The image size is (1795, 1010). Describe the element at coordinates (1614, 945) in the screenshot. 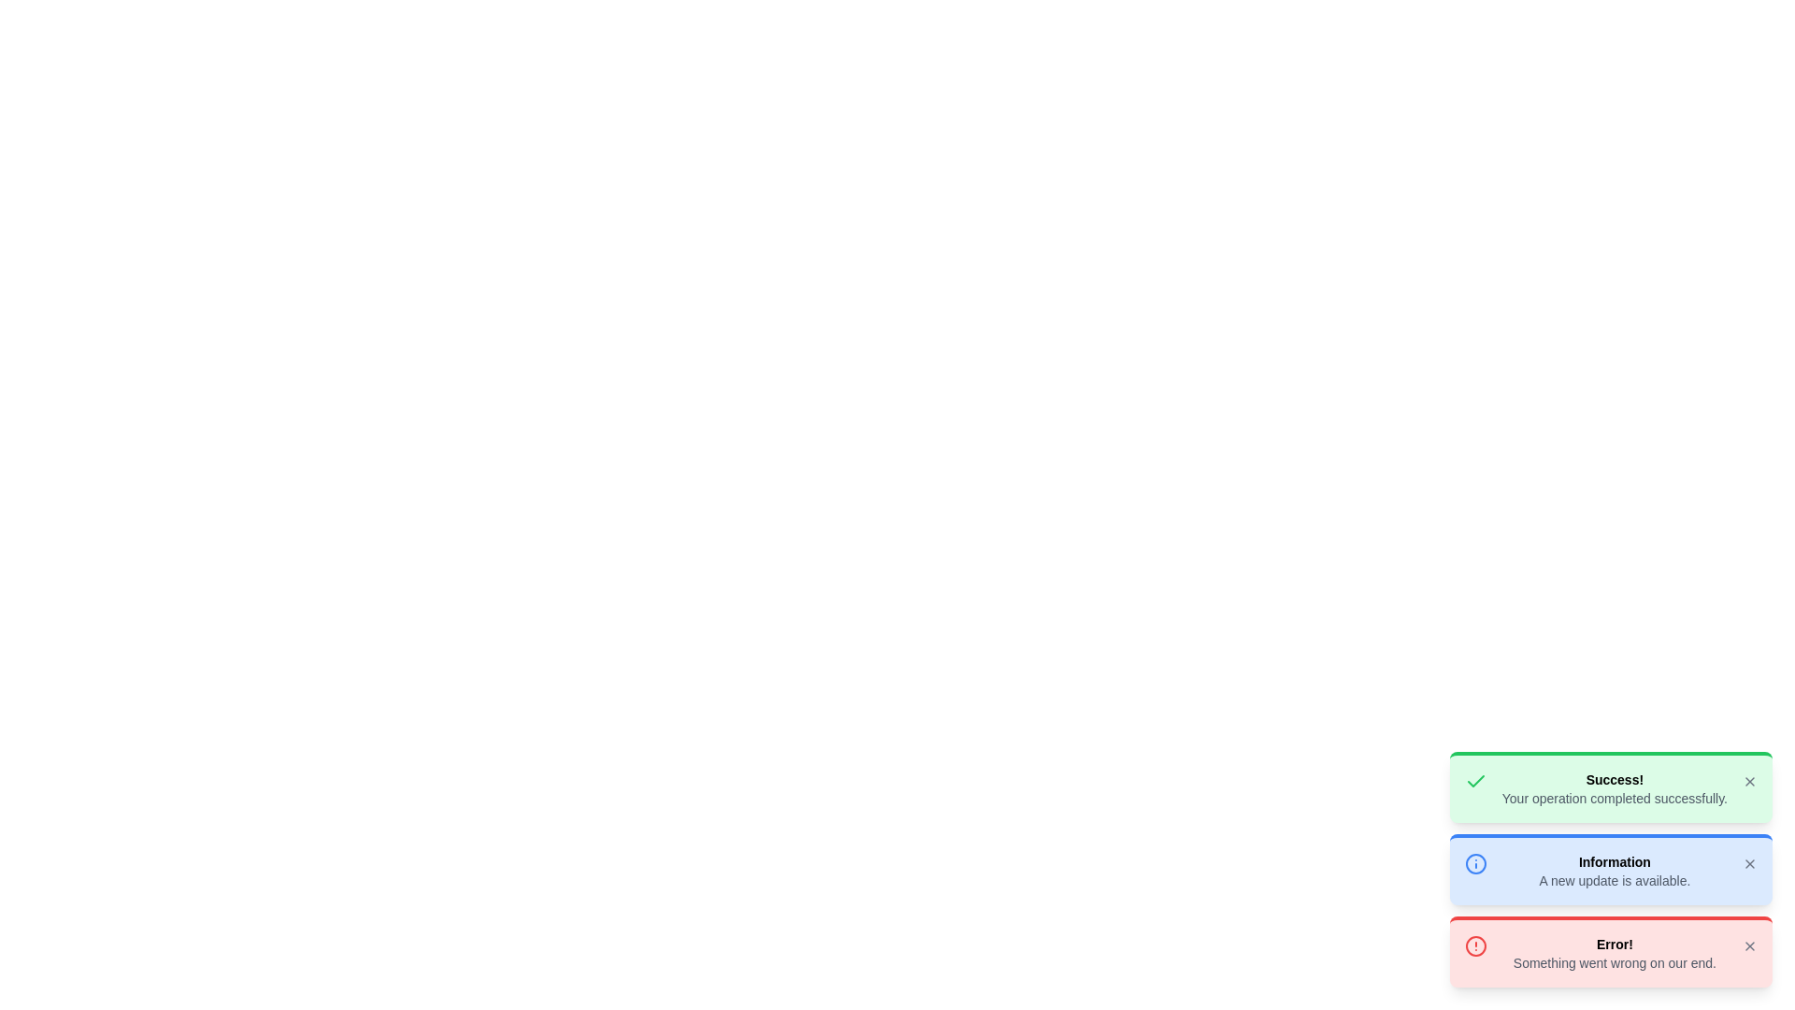

I see `the text label 'Error!' which is displayed in black, bold font on a light red background within the bottom-most notification card` at that location.